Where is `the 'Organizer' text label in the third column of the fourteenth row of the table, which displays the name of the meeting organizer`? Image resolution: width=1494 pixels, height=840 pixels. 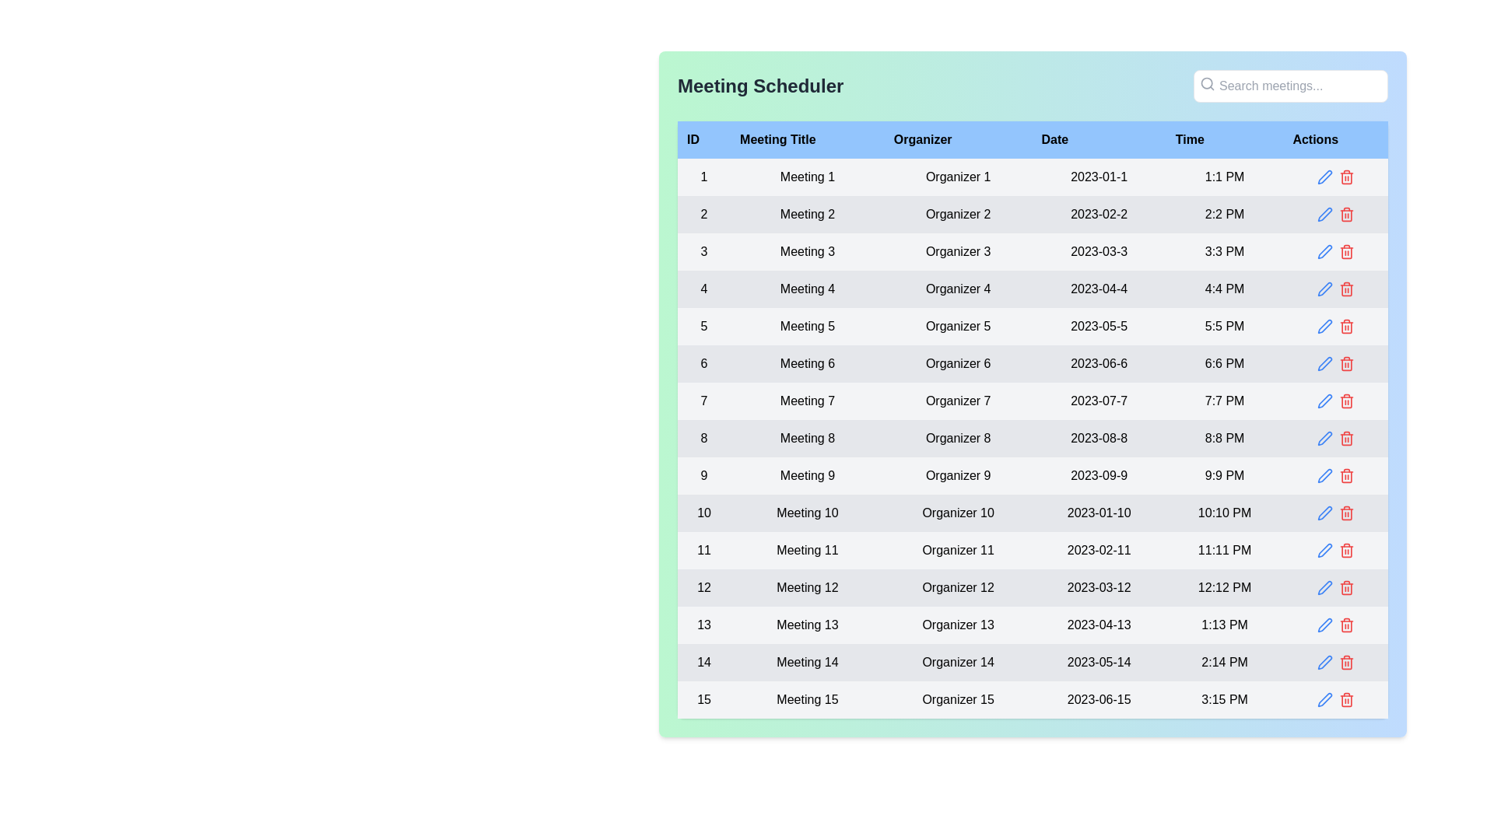 the 'Organizer' text label in the third column of the fourteenth row of the table, which displays the name of the meeting organizer is located at coordinates (957, 663).